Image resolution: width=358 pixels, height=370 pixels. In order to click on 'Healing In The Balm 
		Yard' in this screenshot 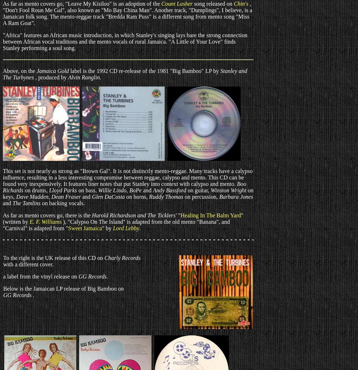, I will do `click(210, 215)`.